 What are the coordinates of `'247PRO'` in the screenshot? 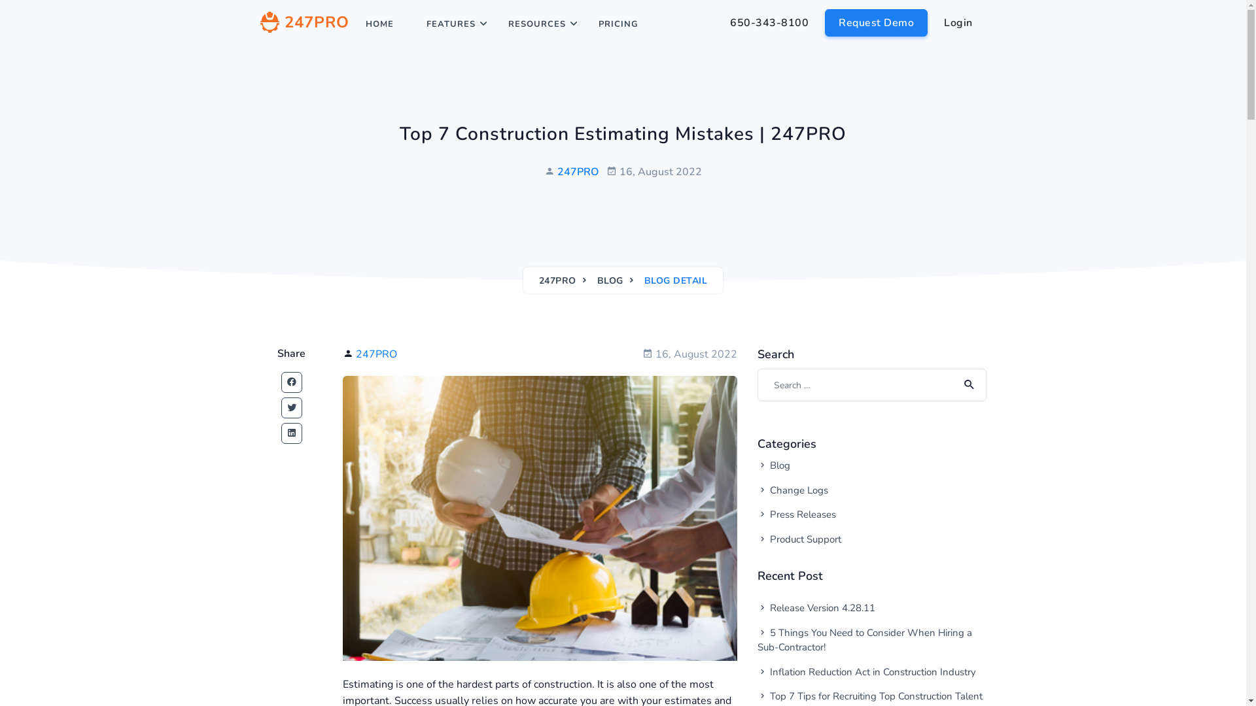 It's located at (260, 24).